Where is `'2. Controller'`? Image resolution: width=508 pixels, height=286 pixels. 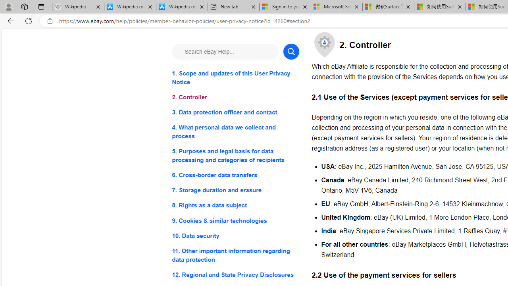 '2. Controller' is located at coordinates (235, 97).